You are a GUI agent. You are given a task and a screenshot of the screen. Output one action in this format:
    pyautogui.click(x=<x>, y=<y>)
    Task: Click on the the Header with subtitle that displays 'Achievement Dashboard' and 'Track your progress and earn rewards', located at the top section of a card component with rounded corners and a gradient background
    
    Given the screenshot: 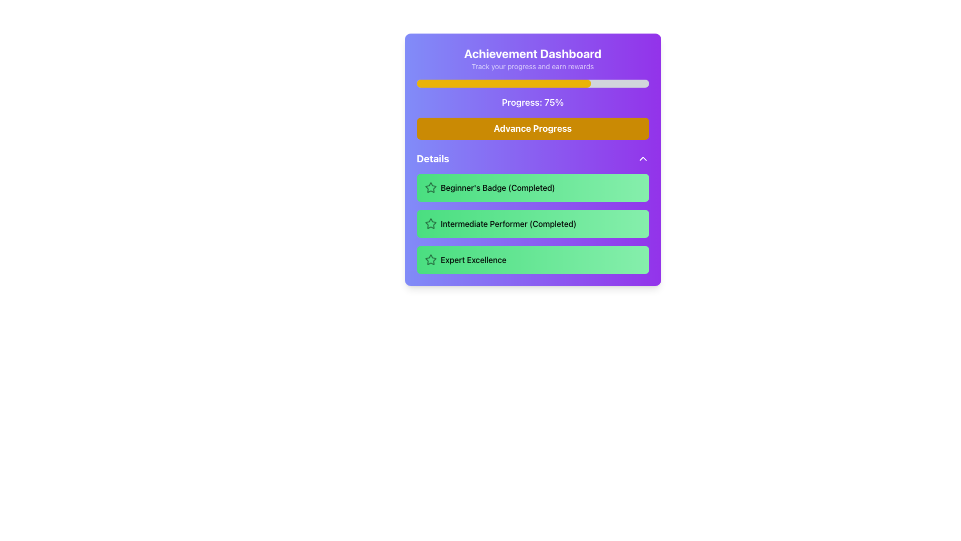 What is the action you would take?
    pyautogui.click(x=532, y=58)
    